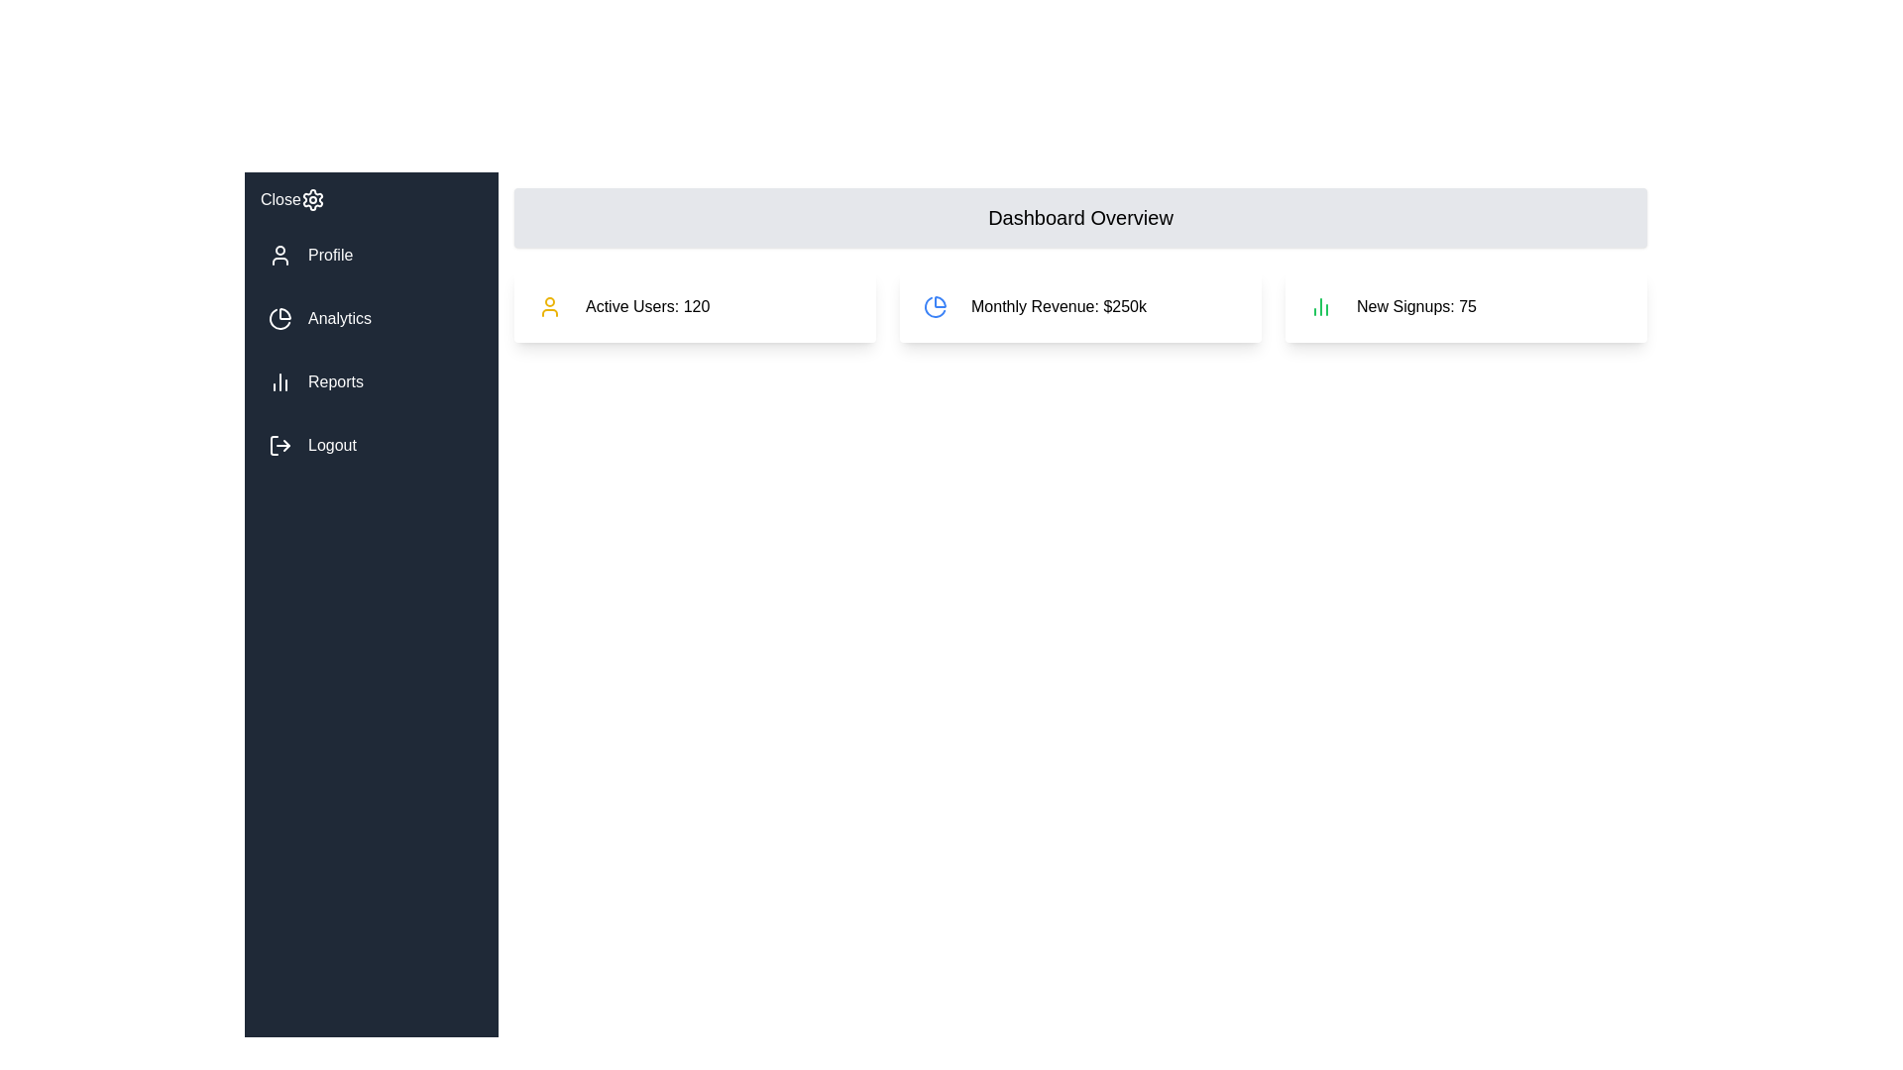  I want to click on the pie chart icon in the sidebar navigation menu, so click(280, 317).